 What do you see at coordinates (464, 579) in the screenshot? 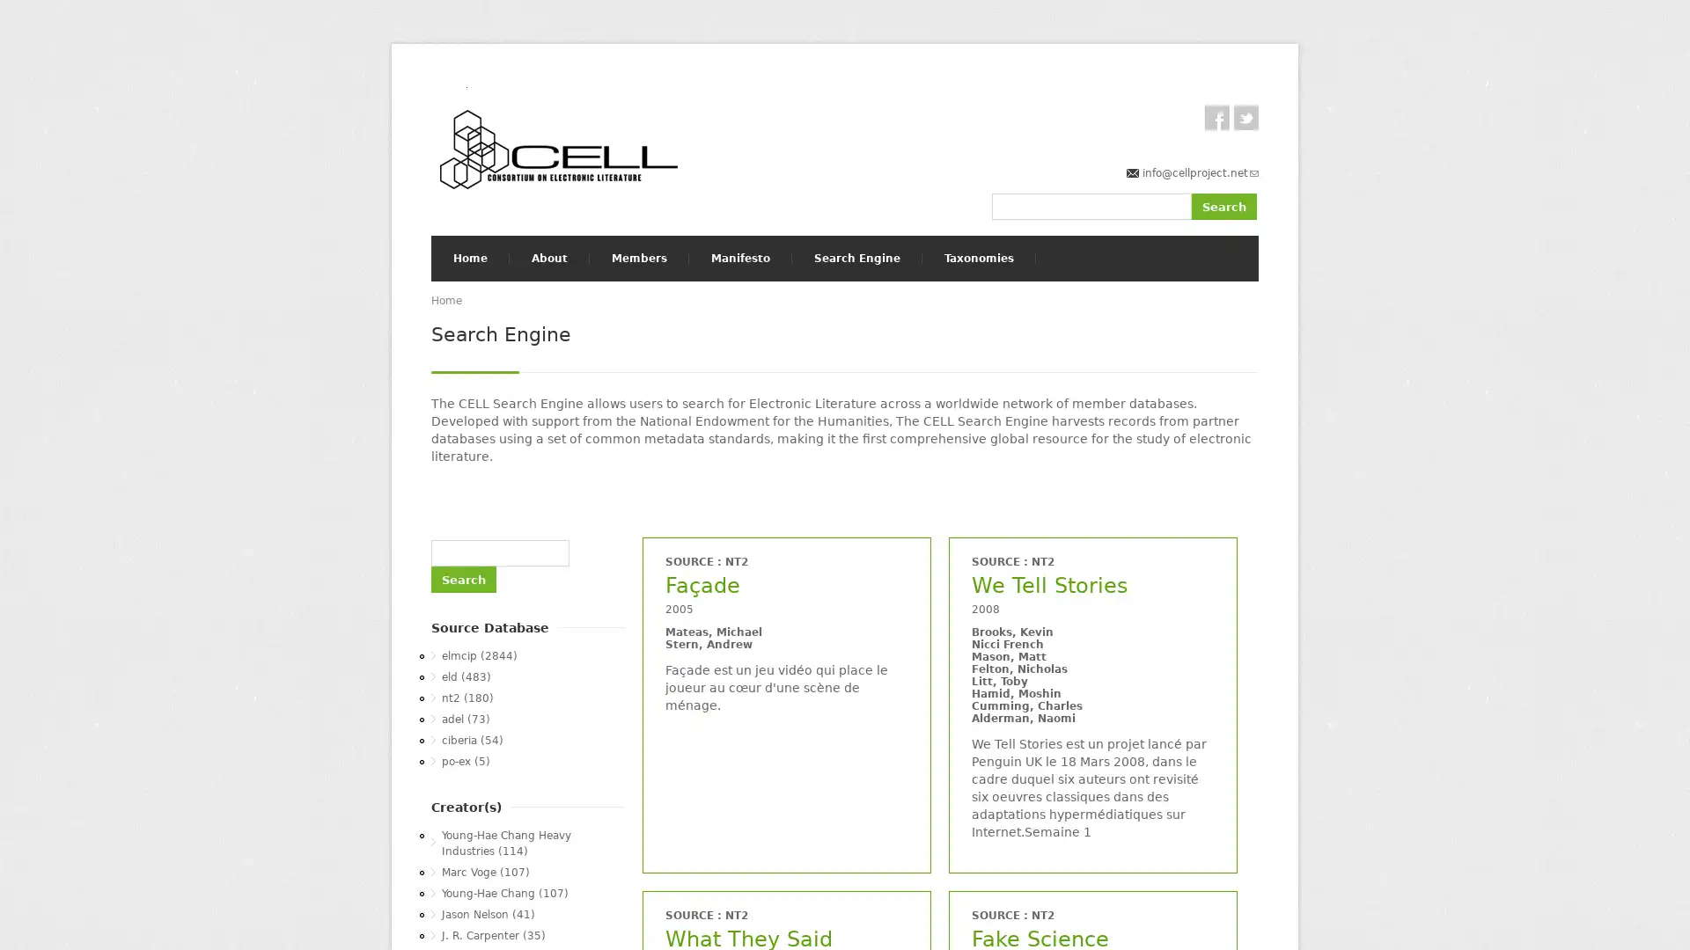
I see `Search` at bounding box center [464, 579].